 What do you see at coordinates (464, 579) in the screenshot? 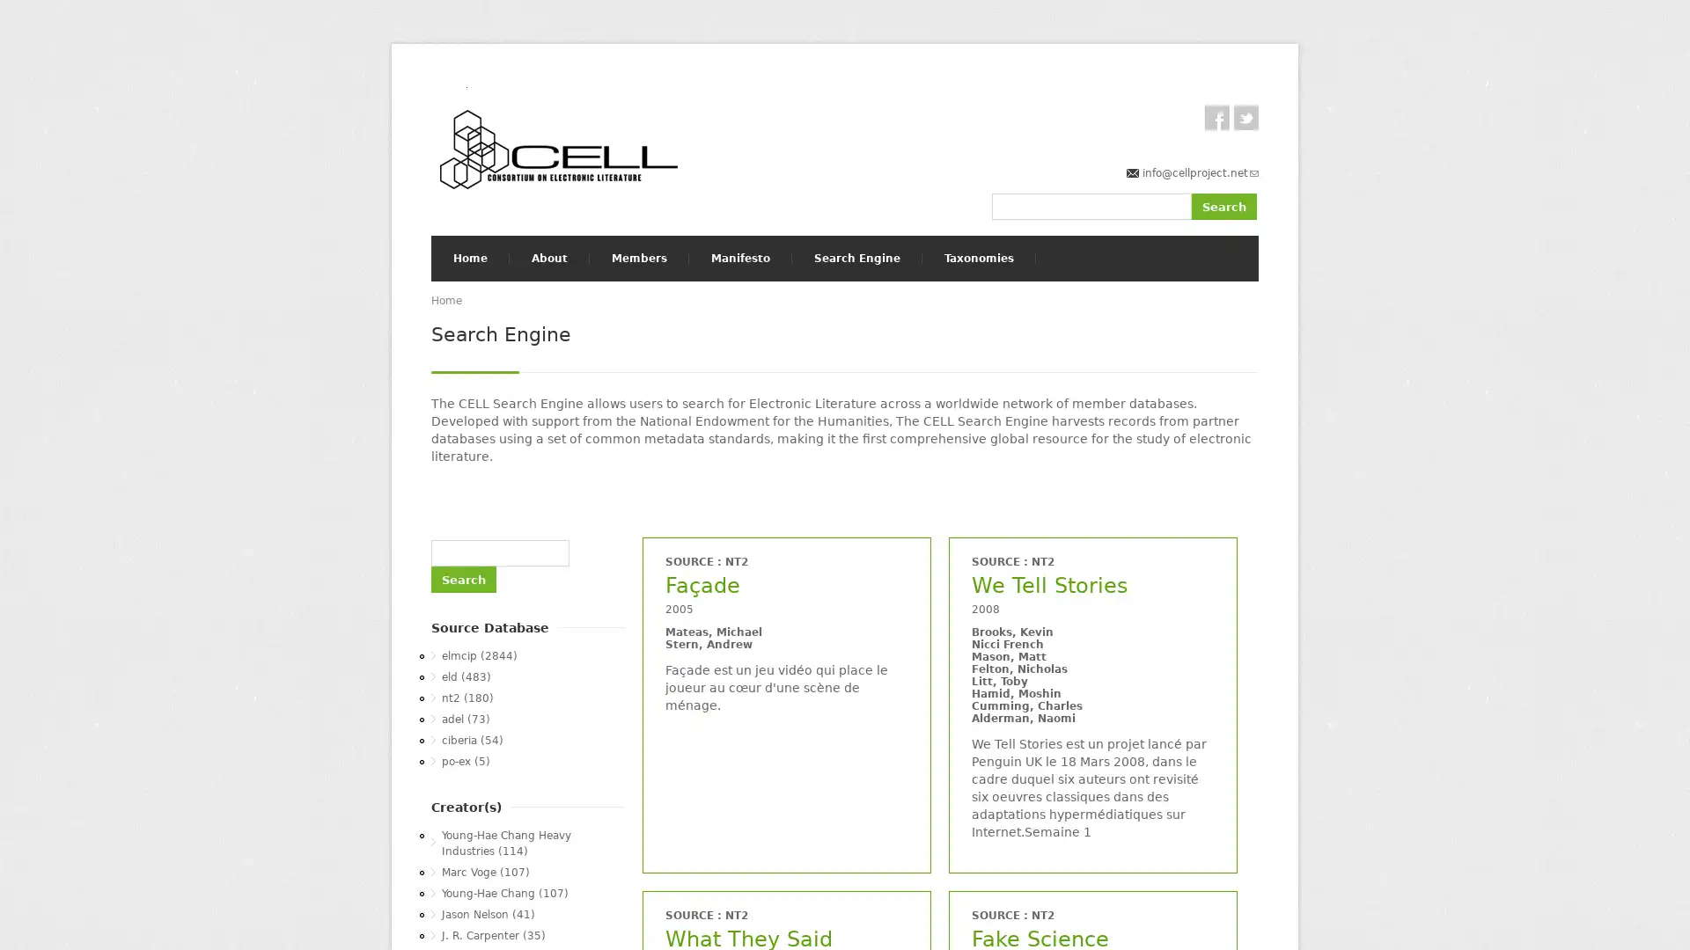
I see `Search` at bounding box center [464, 579].